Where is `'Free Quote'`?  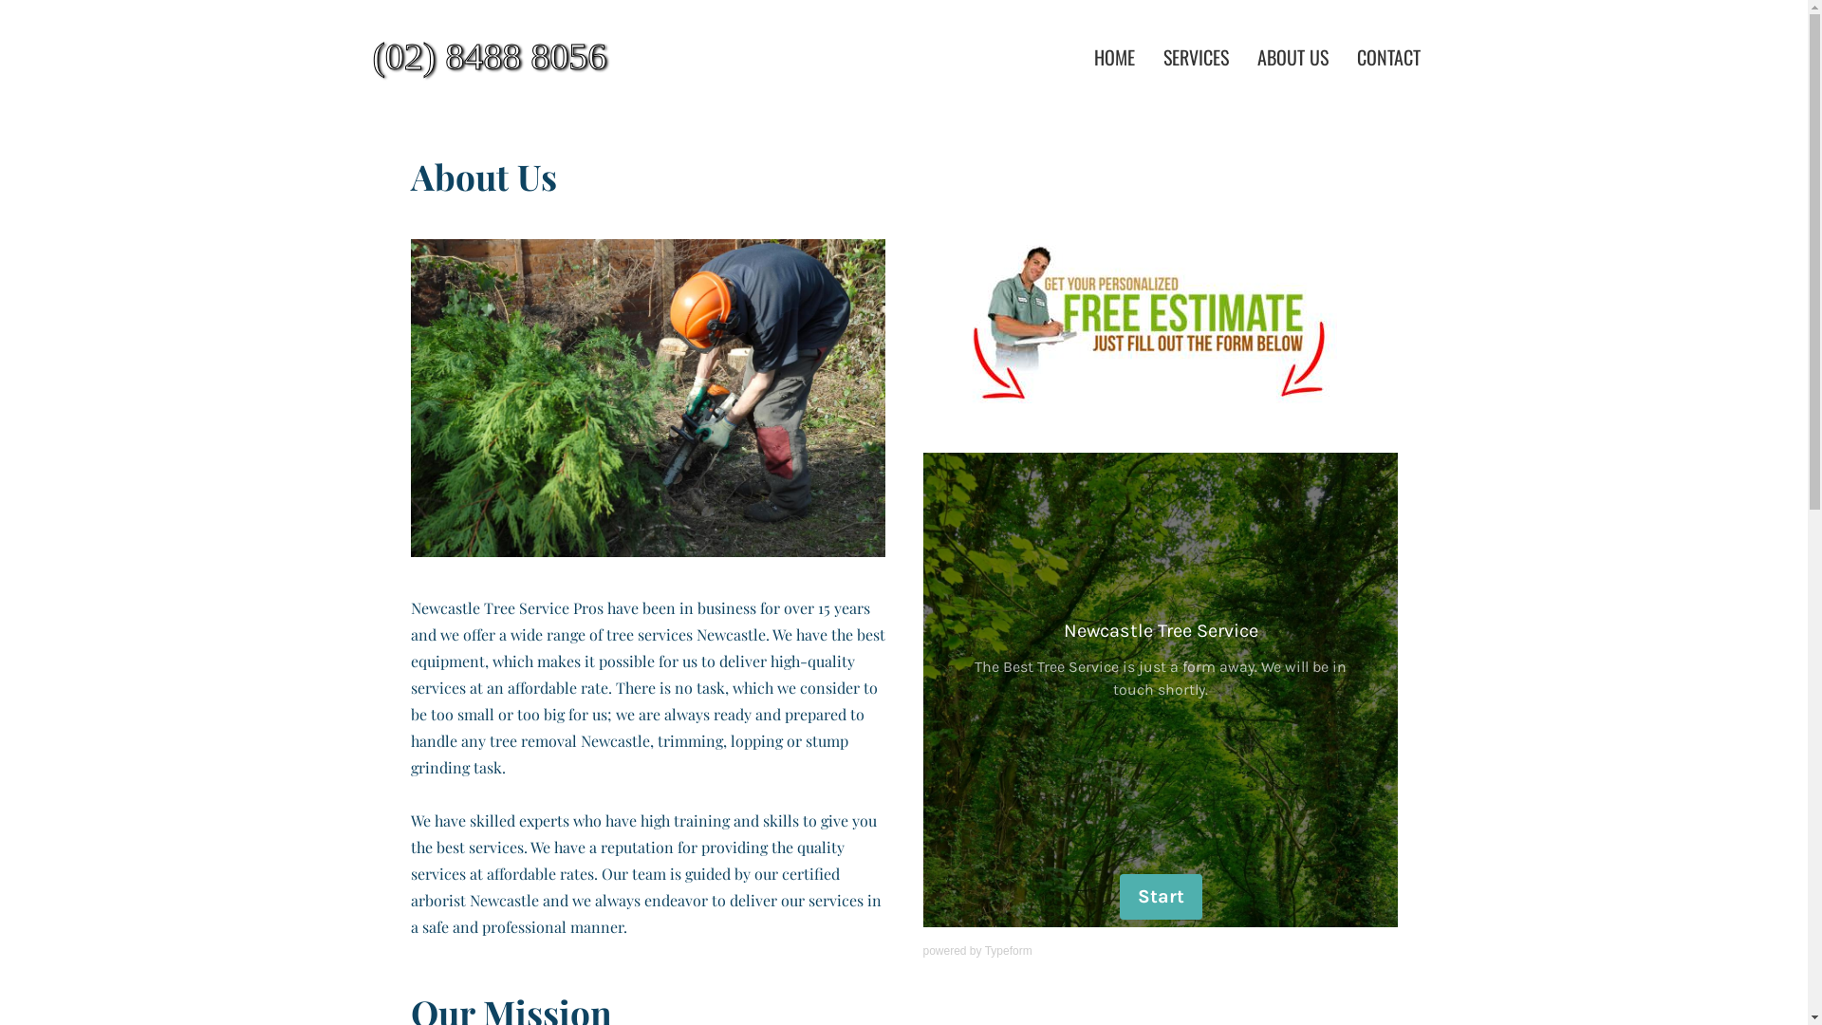 'Free Quote' is located at coordinates (1159, 326).